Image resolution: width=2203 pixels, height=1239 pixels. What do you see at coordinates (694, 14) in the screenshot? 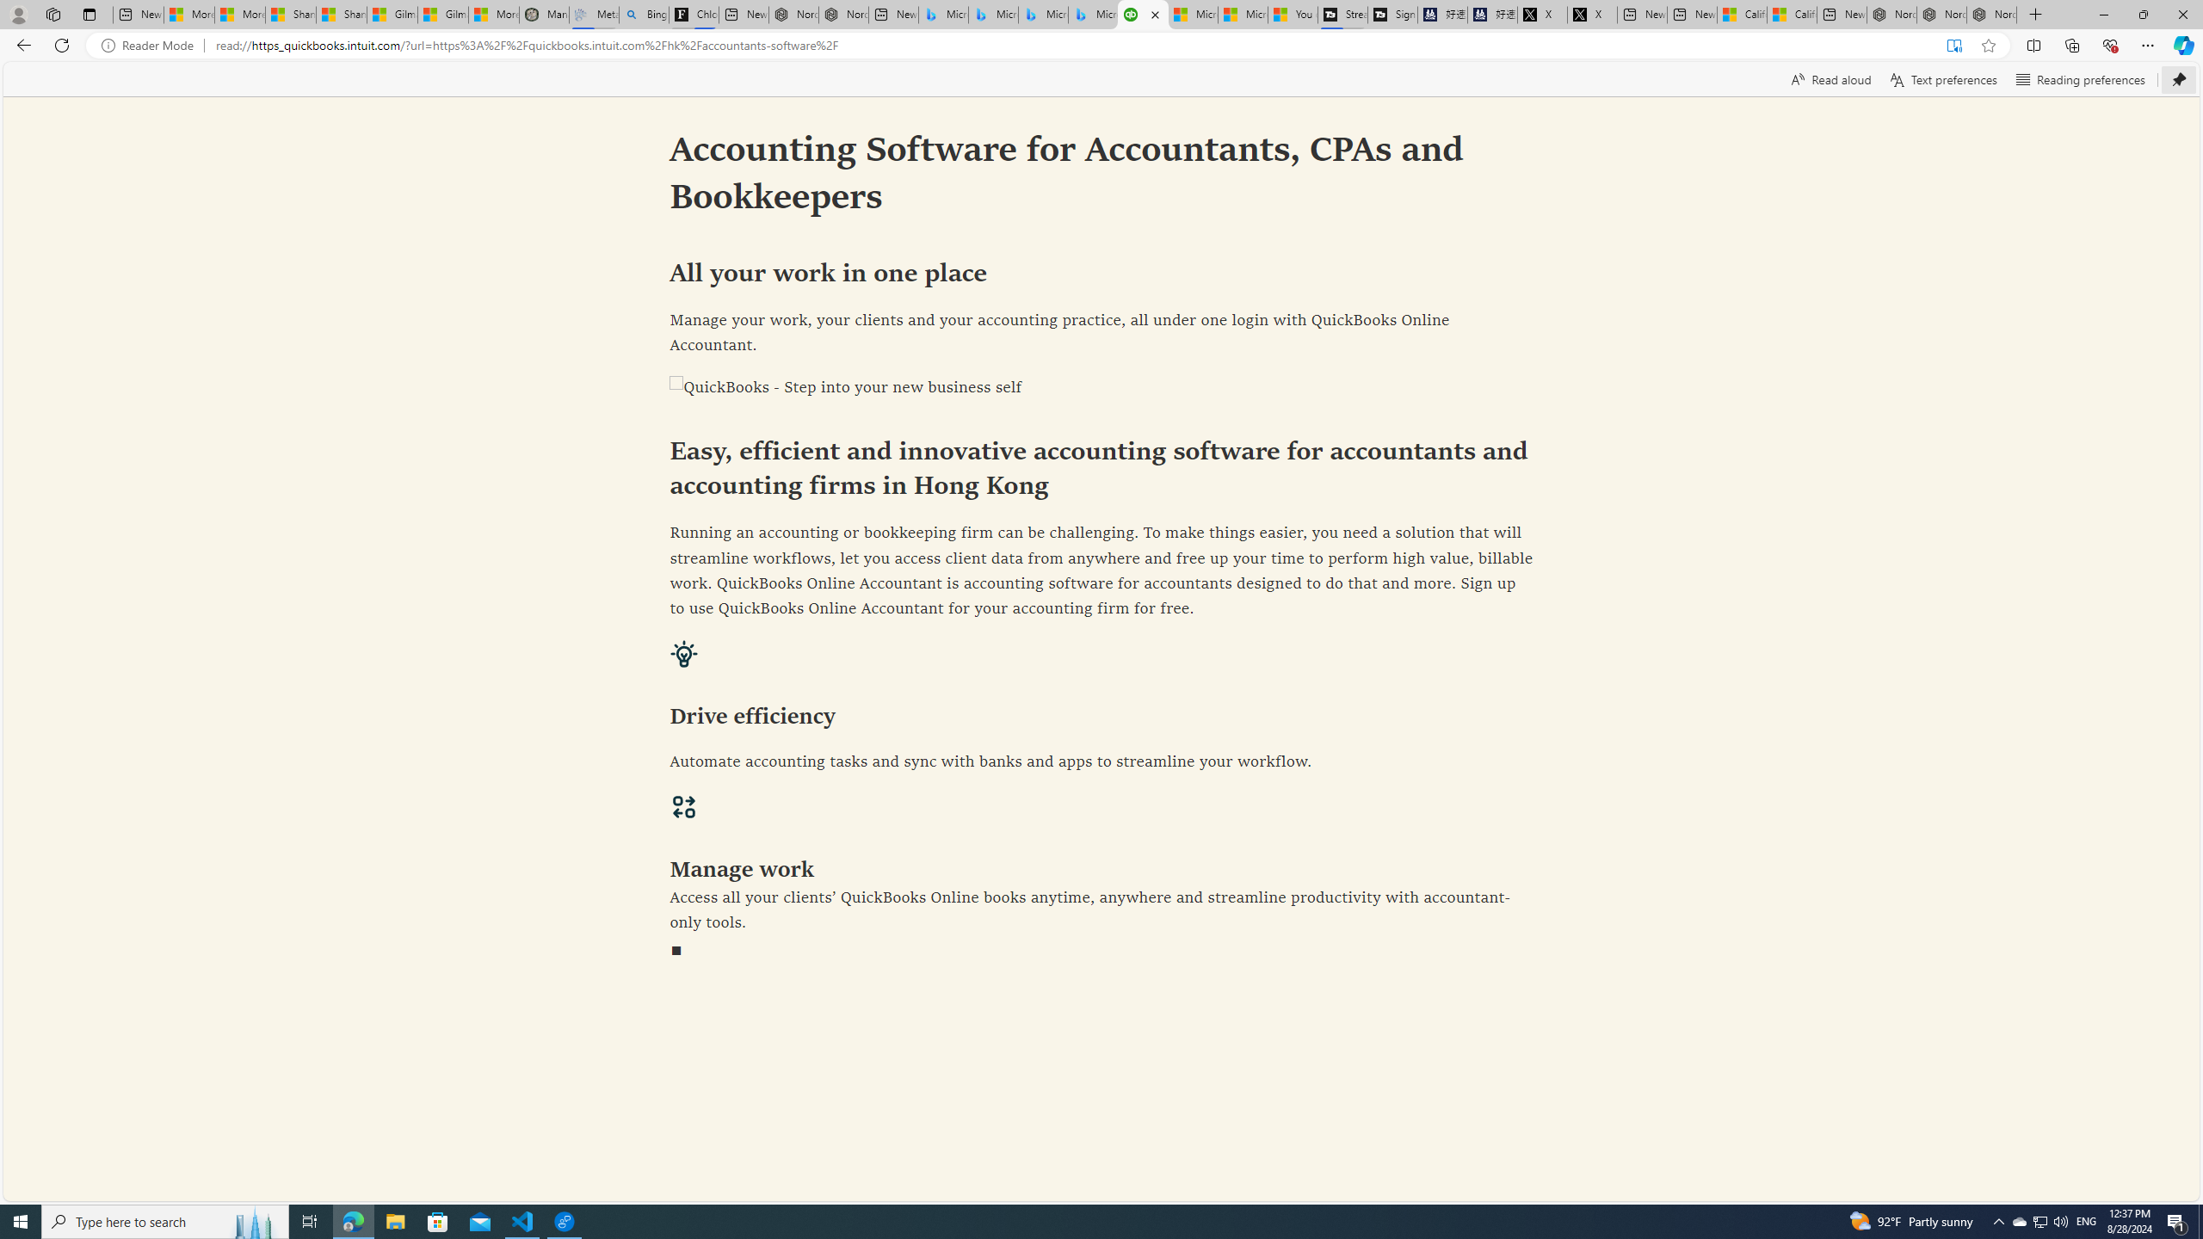
I see `'Chloe Sorvino'` at bounding box center [694, 14].